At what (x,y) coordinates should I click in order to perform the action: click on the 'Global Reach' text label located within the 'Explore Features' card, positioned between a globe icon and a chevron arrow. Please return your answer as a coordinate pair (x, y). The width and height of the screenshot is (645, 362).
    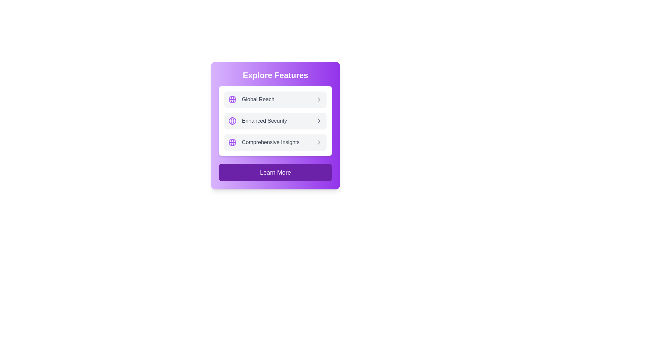
    Looking at the image, I should click on (258, 100).